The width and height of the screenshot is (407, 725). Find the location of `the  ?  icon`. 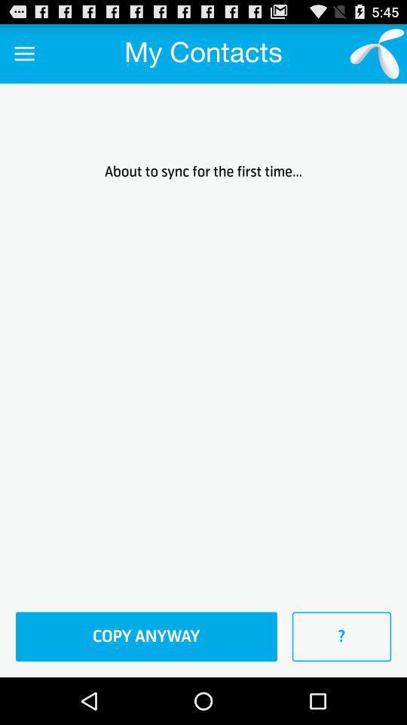

the  ?  icon is located at coordinates (341, 636).